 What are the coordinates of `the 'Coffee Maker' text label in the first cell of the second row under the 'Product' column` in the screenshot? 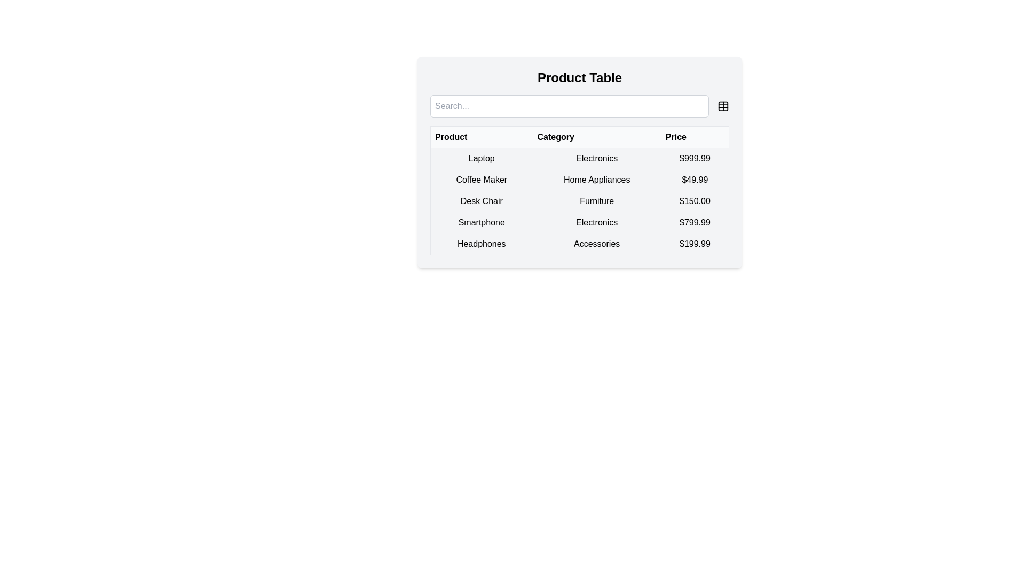 It's located at (481, 179).